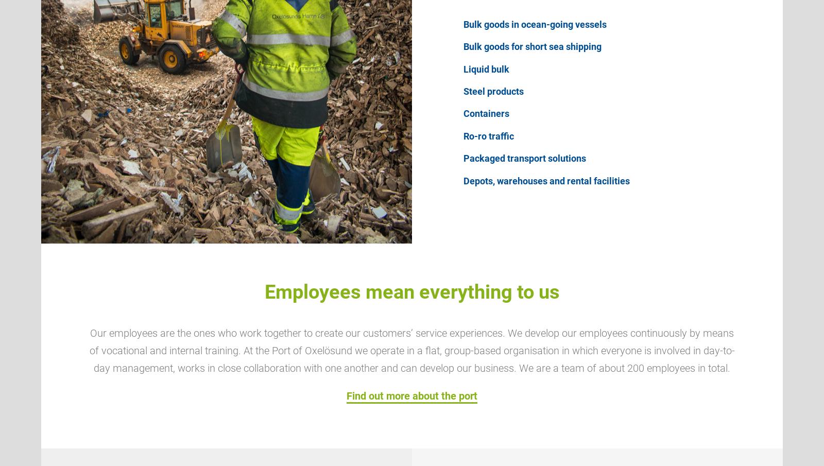 Image resolution: width=824 pixels, height=466 pixels. I want to click on 'Packaged transport solutions', so click(463, 158).